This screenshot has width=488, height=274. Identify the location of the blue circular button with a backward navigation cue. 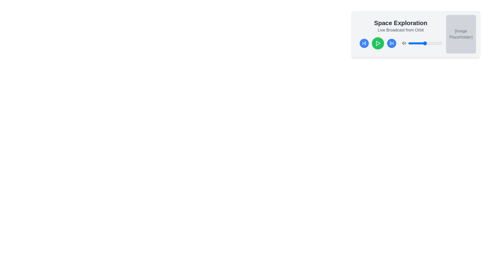
(364, 43).